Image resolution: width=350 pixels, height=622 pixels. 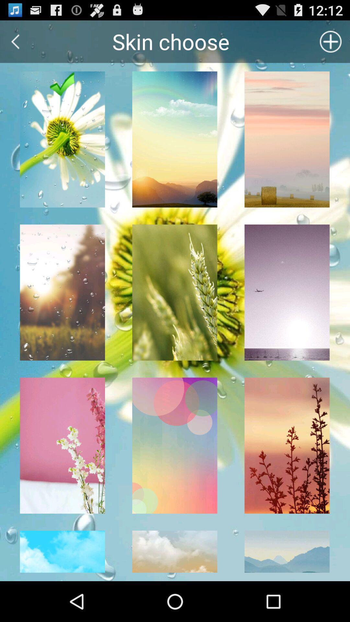 What do you see at coordinates (62, 139) in the screenshot?
I see `the first image` at bounding box center [62, 139].